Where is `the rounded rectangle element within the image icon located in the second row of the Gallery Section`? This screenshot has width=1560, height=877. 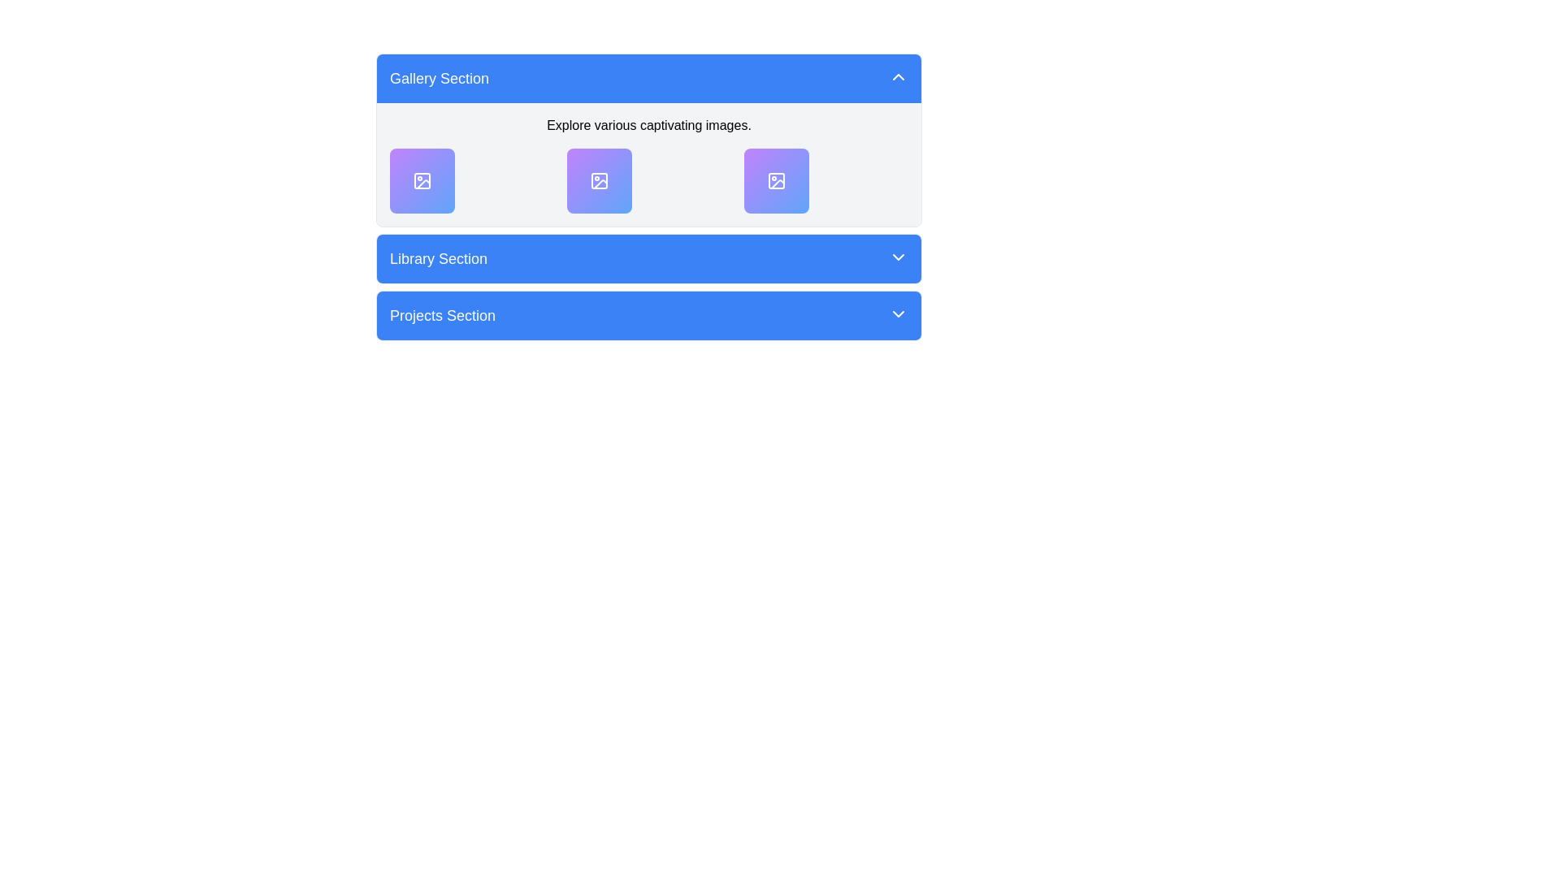
the rounded rectangle element within the image icon located in the second row of the Gallery Section is located at coordinates (775, 181).